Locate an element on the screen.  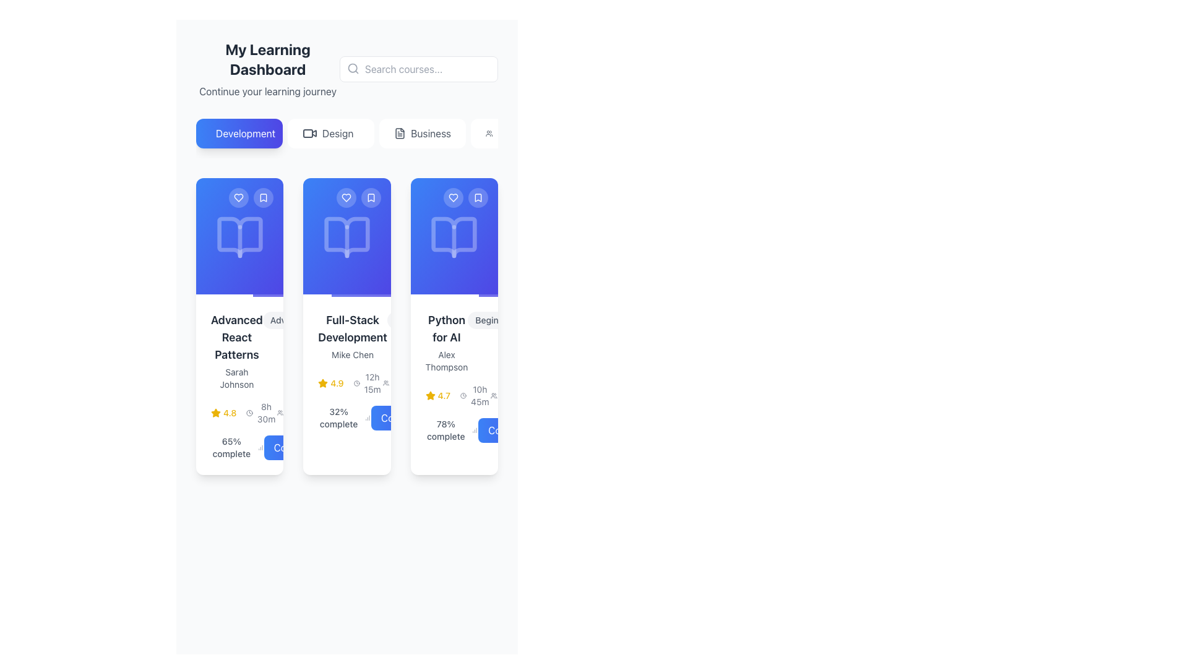
the 'Design' button, which is a light-colored rectangular button with rounded corners and the text 'Design' in medium-gray color, located between the 'Development' and 'Business' buttons, to filter the content related to 'Design' is located at coordinates (346, 138).